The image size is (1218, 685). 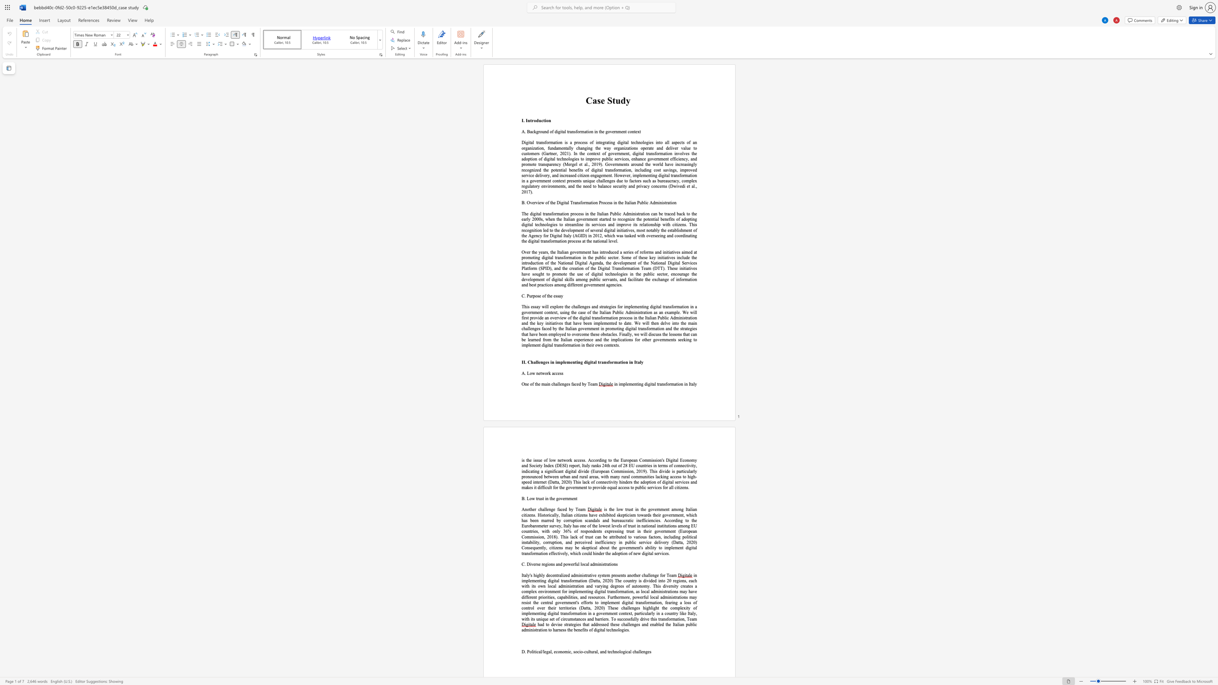 I want to click on the subset text "iscuss the lessons that can be le" within the text "overcome these obstacles. Finally, we will discuss the lessons that can be learned from the Italian experience and the implications for other governments", so click(x=650, y=334).